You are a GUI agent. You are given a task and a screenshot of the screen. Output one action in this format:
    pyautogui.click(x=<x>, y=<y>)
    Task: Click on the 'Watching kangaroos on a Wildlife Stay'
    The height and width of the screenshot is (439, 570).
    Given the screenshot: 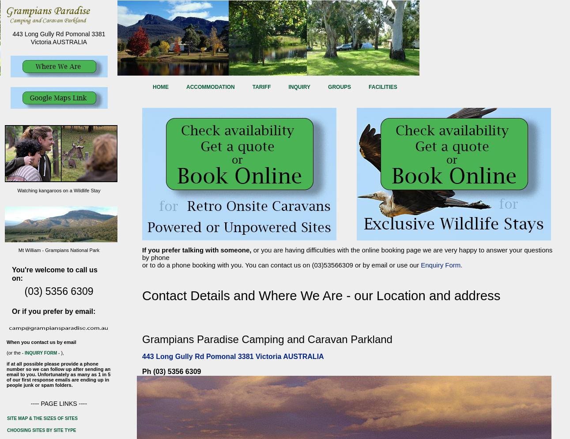 What is the action you would take?
    pyautogui.click(x=58, y=190)
    